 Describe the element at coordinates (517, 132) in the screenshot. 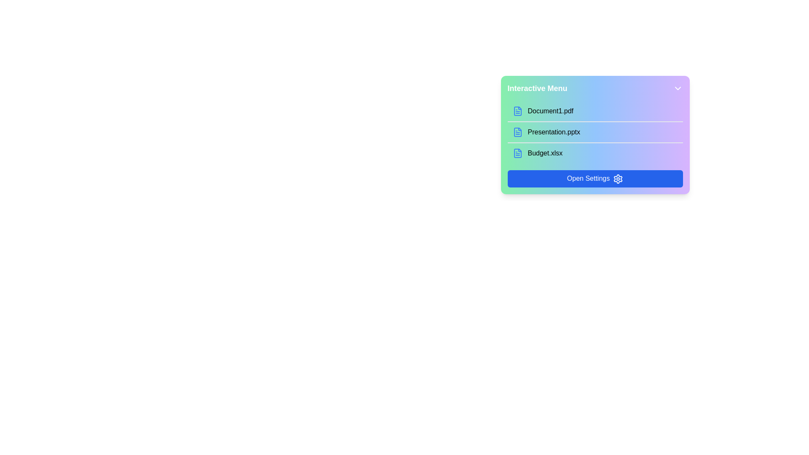

I see `the SVG icon representing a document file, which is light blue and positioned next to the text 'Presentation.pptx' in the interactive menu` at that location.